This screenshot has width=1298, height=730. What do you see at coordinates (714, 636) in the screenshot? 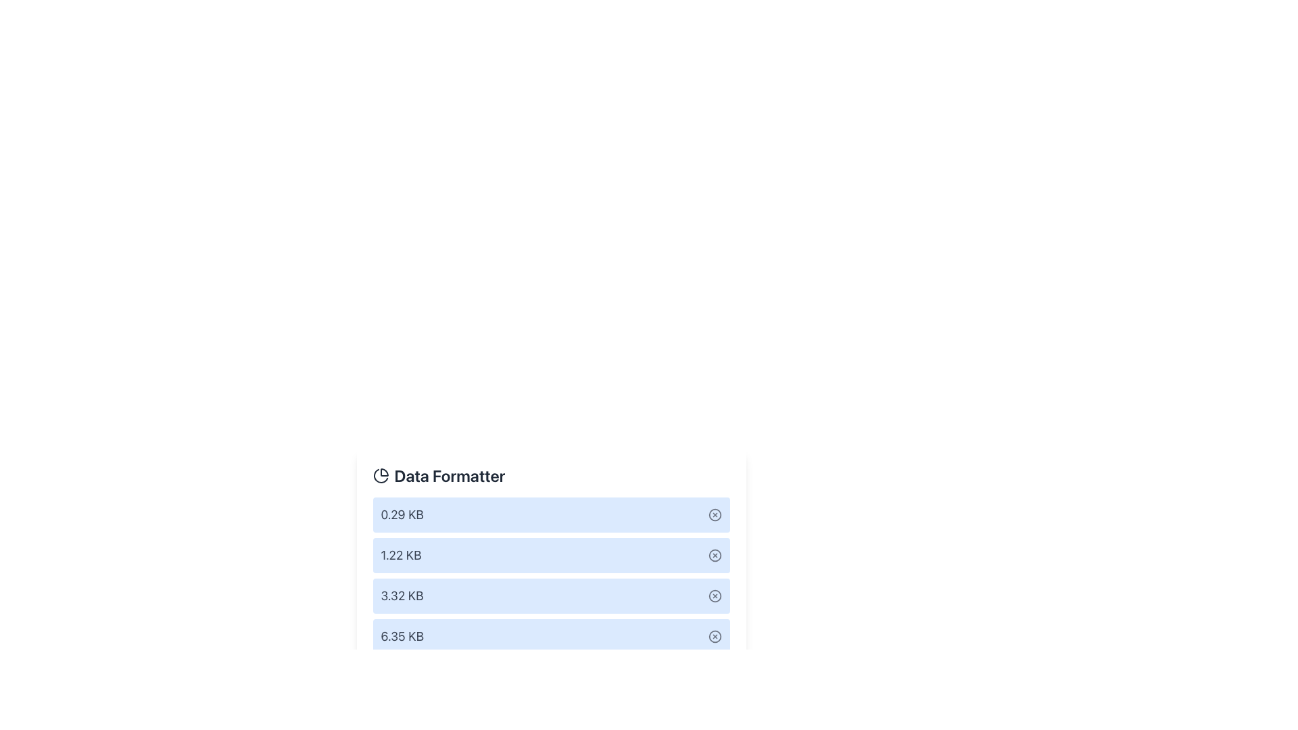
I see `the delete button located in the center-right corner of the list item styled with a blue background, which is associated with the text '6.35 KB'` at bounding box center [714, 636].